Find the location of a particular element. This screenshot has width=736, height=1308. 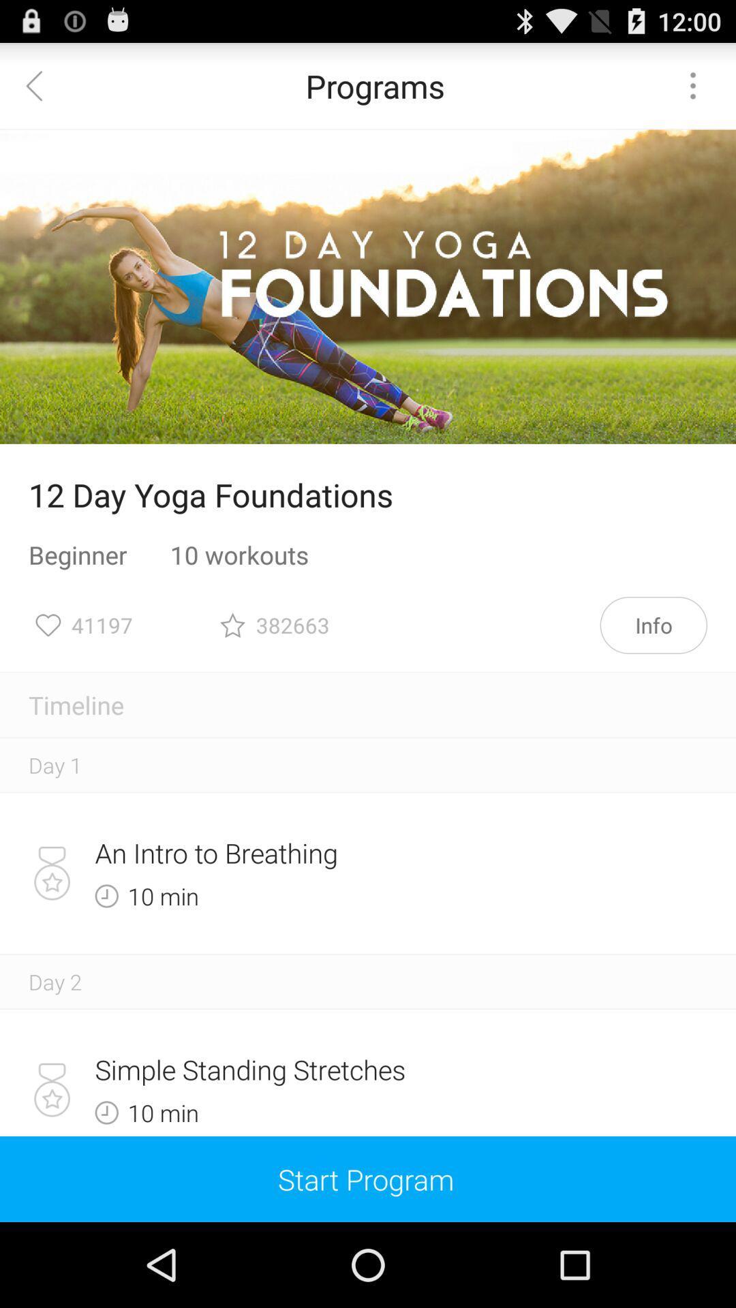

item to the right of programs icon is located at coordinates (693, 84).